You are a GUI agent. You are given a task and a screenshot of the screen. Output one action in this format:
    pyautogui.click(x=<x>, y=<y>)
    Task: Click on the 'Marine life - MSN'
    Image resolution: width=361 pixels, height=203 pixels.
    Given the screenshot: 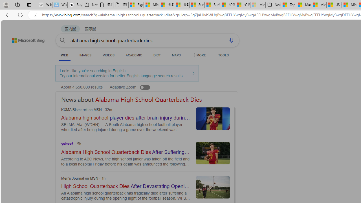 What is the action you would take?
    pyautogui.click(x=303, y=5)
    